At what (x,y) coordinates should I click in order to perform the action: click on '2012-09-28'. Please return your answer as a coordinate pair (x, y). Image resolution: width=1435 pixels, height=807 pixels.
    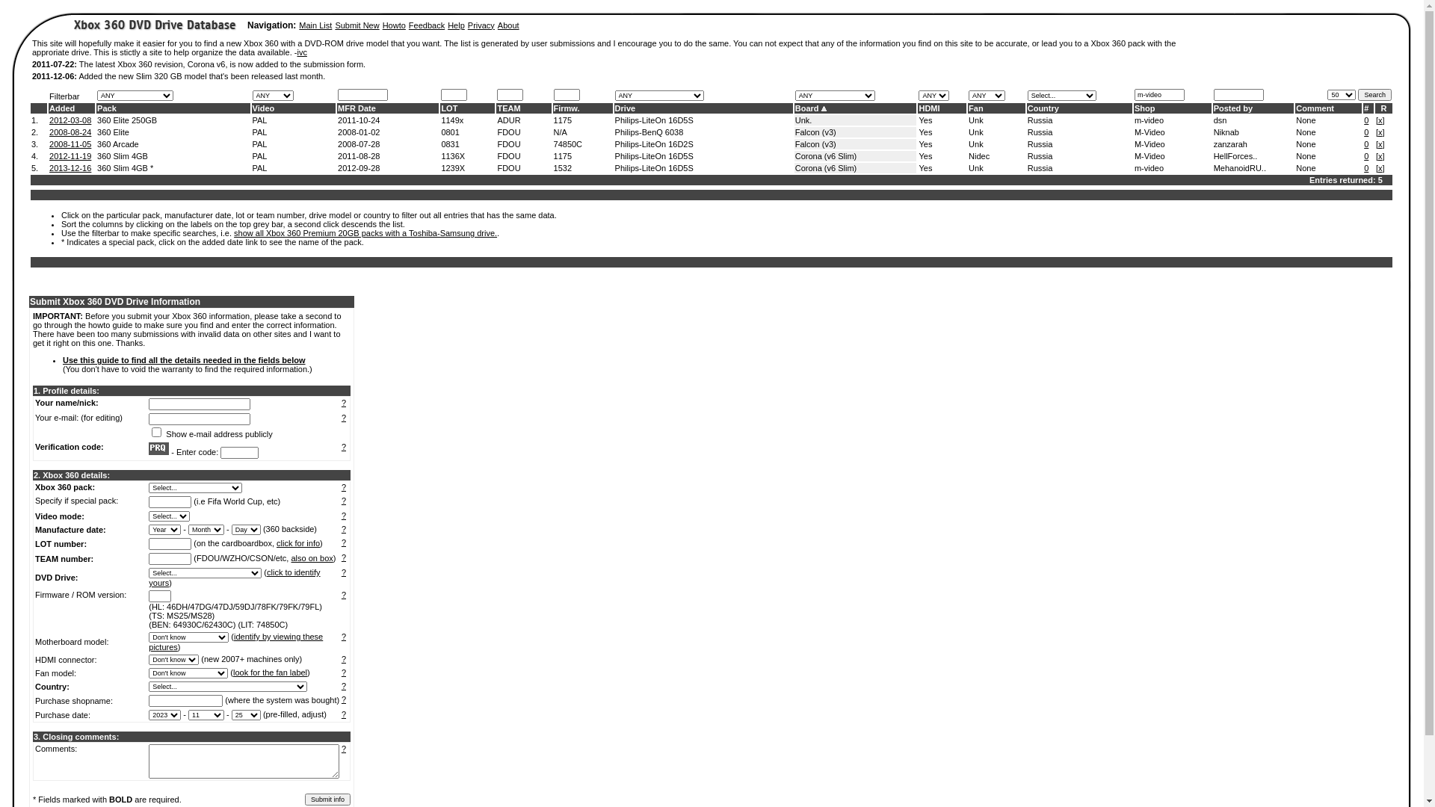
    Looking at the image, I should click on (336, 167).